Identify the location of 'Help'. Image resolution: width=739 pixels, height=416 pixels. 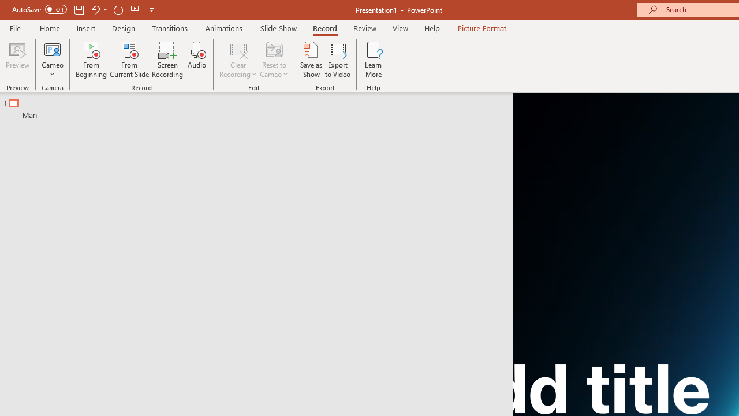
(431, 28).